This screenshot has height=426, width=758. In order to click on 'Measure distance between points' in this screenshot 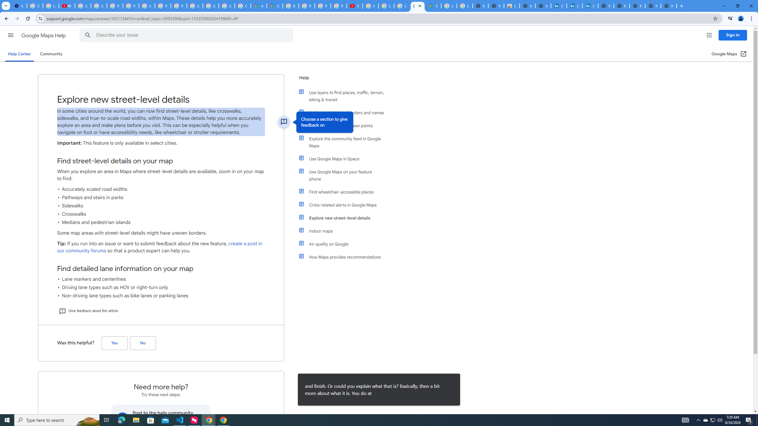, I will do `click(344, 125)`.